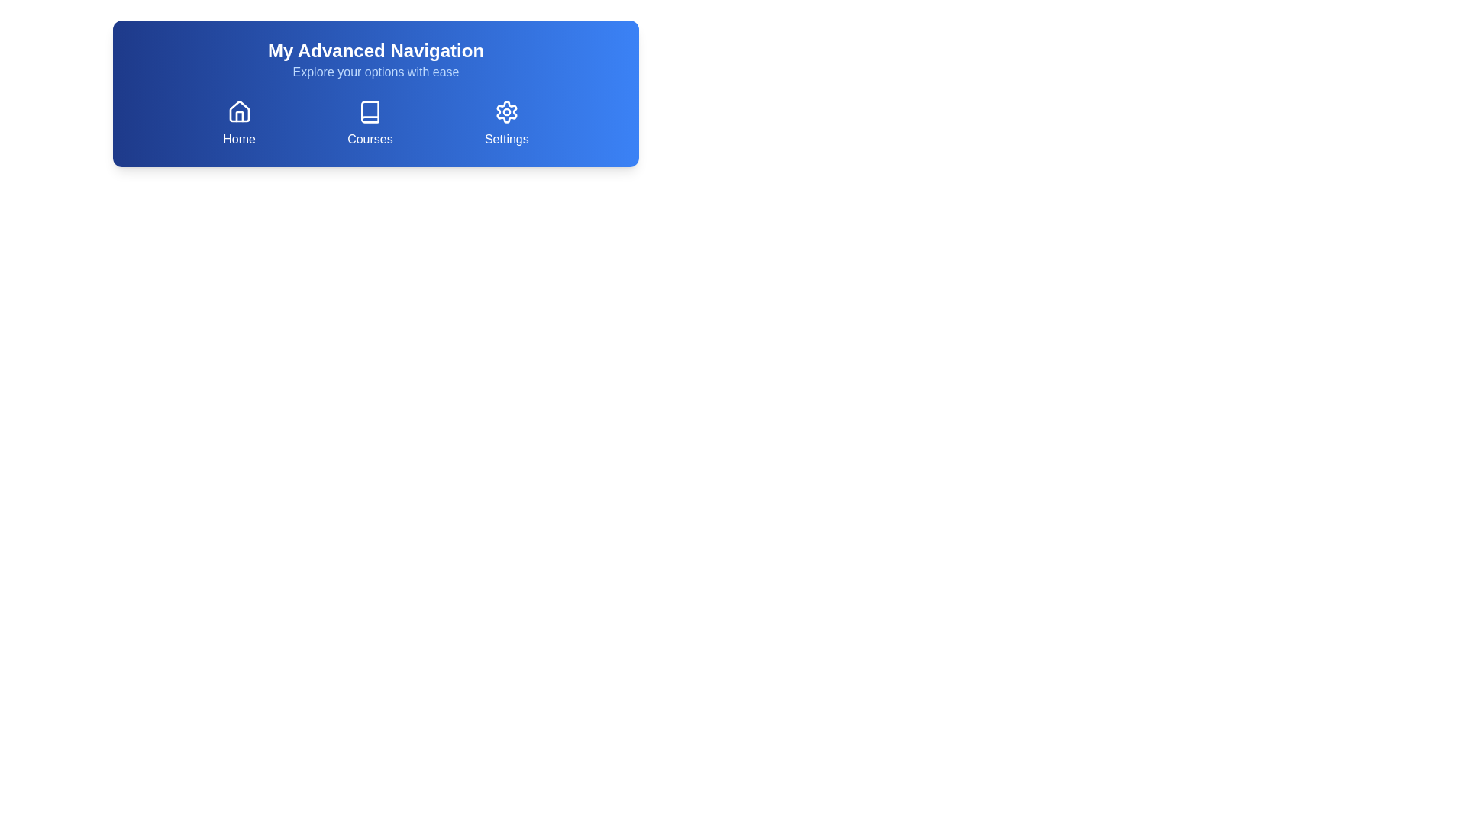 Image resolution: width=1466 pixels, height=824 pixels. I want to click on the 'Settings' button with a cogwheel icon in the navigation bar, so click(506, 123).